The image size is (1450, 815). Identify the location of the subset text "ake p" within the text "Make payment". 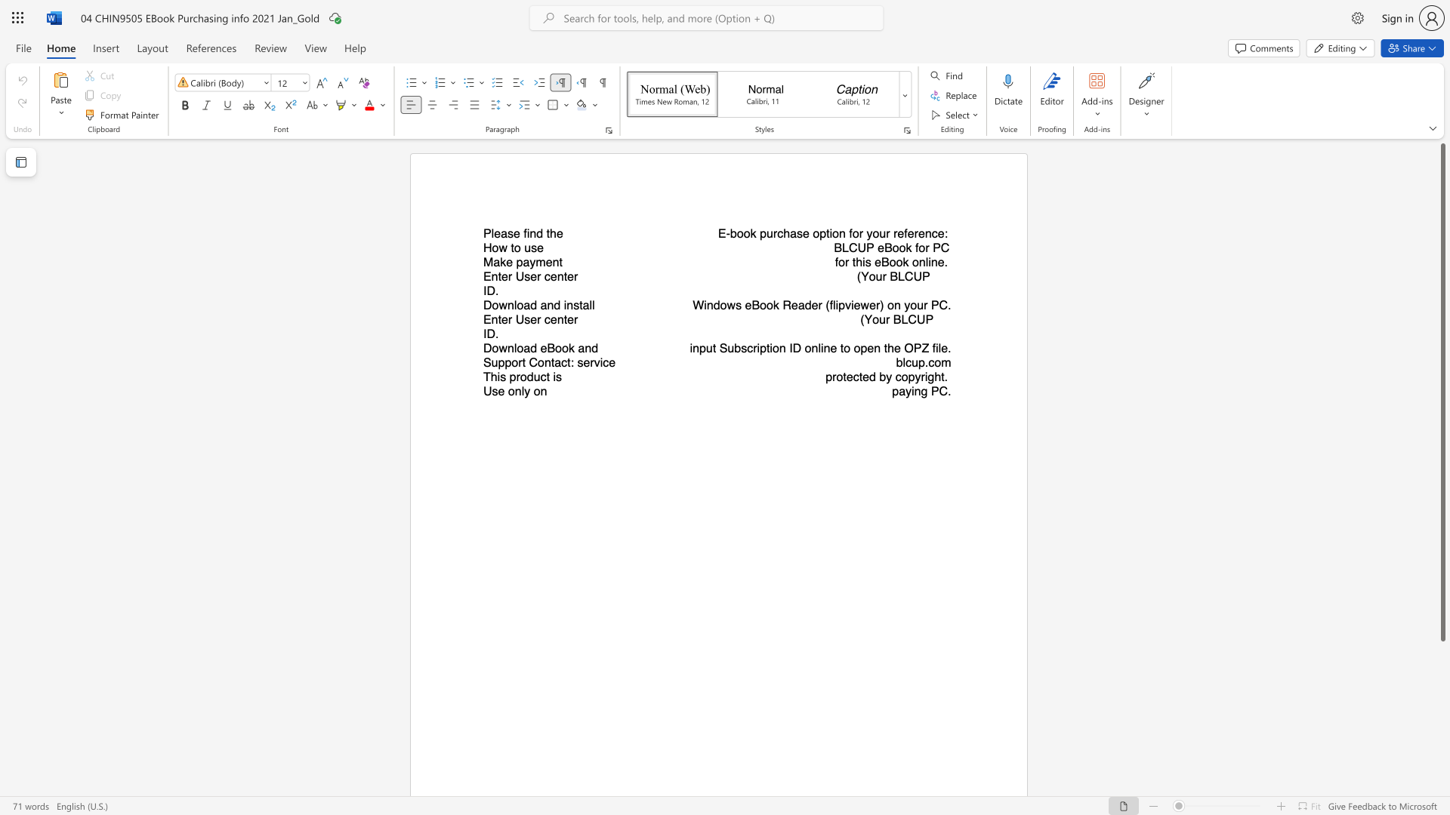
(493, 261).